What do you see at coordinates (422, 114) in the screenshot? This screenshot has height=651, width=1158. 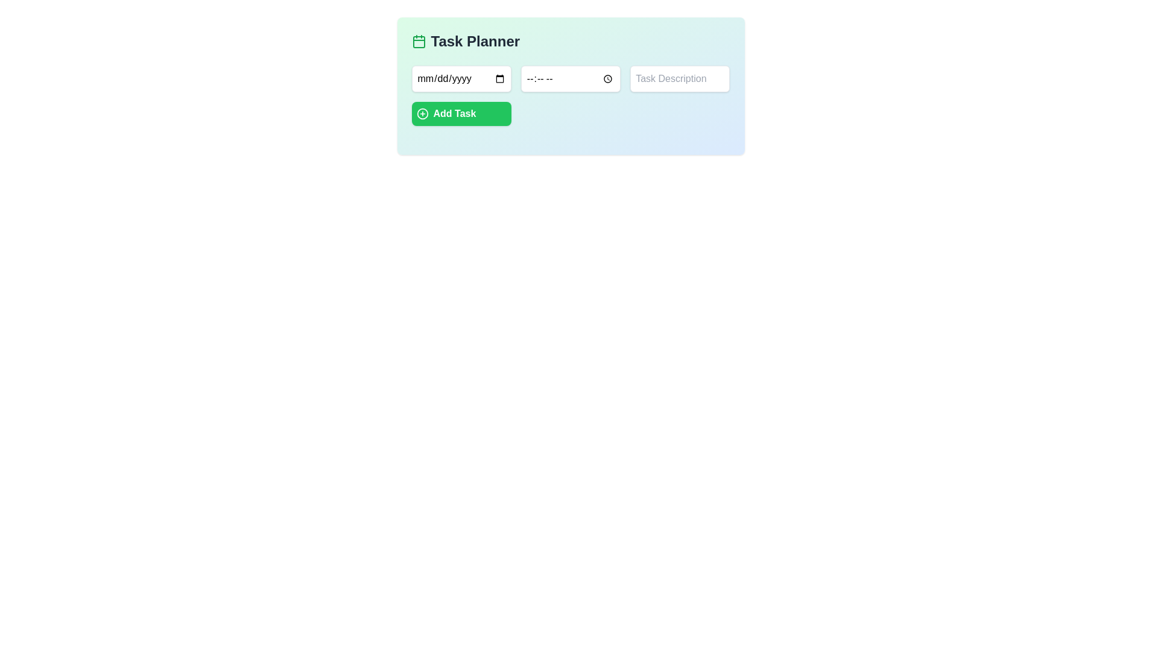 I see `the 'Add Task' icon located to the left of the 'Add Task' button` at bounding box center [422, 114].